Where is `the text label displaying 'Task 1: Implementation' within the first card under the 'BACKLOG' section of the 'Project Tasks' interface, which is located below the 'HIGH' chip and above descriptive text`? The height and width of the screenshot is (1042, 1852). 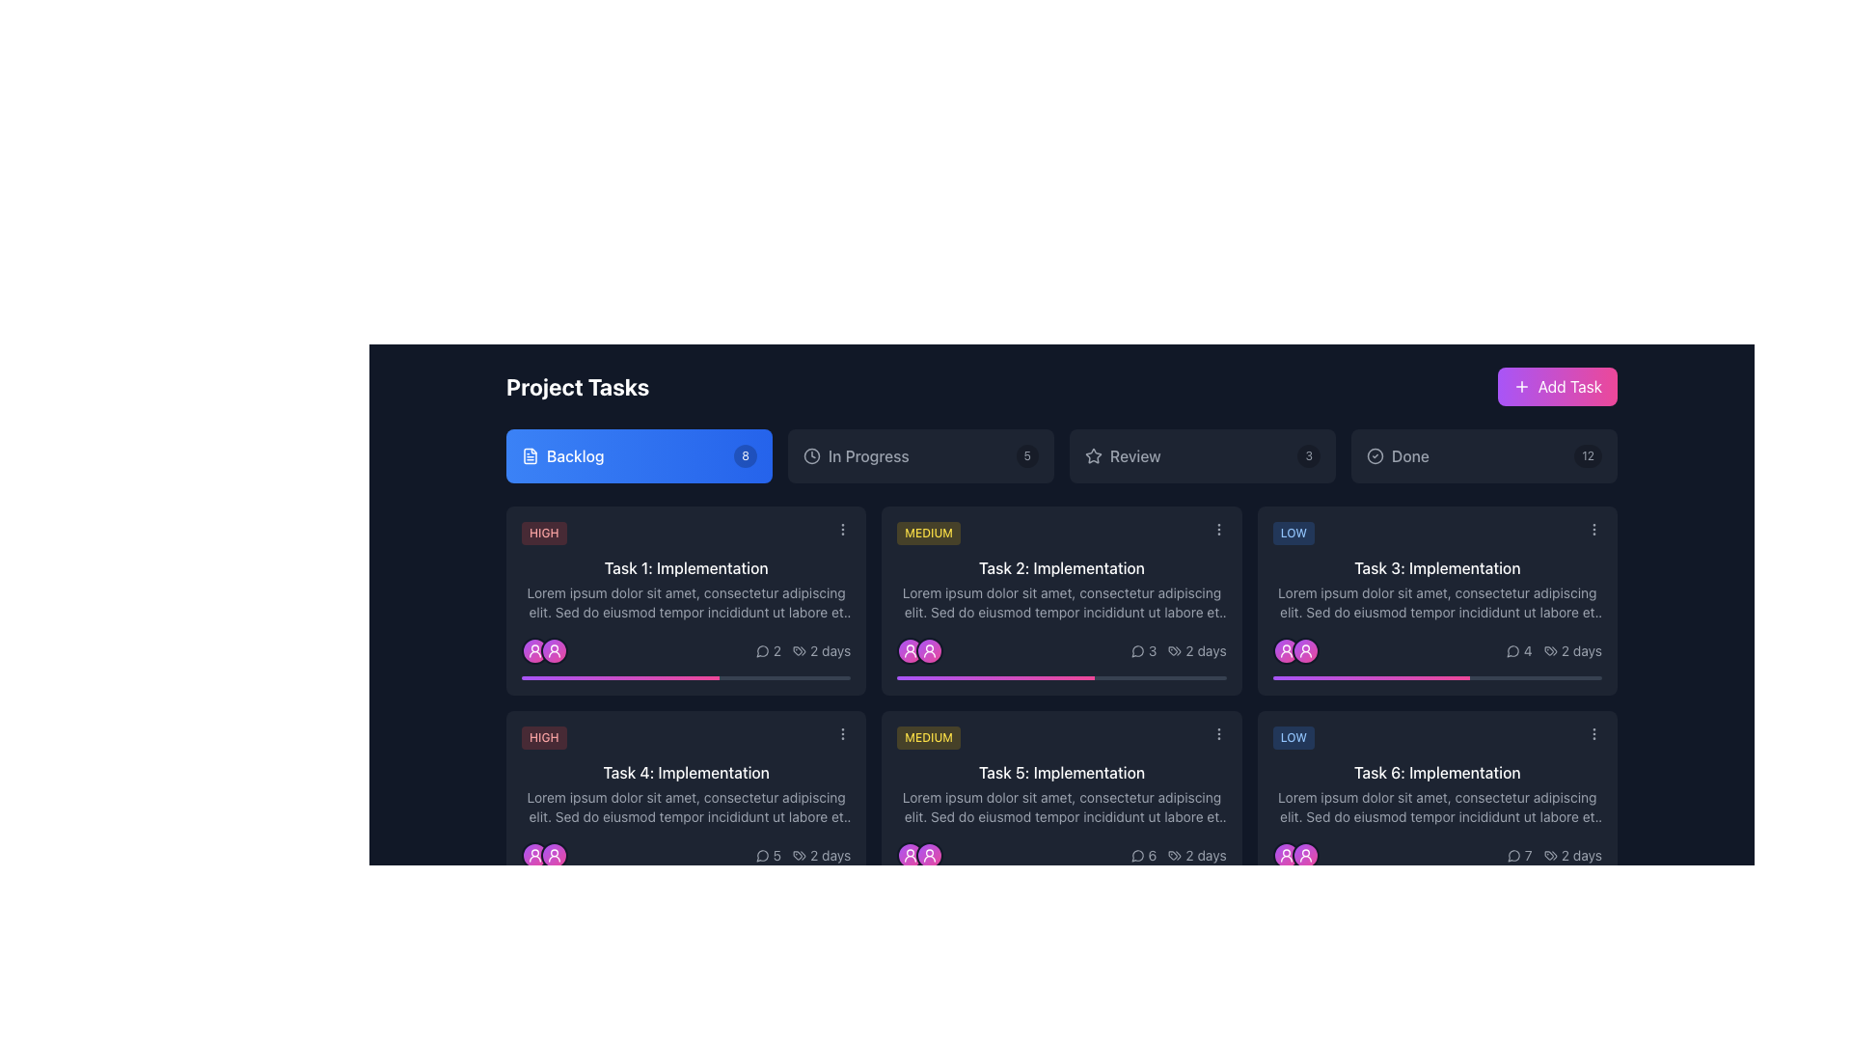
the text label displaying 'Task 1: Implementation' within the first card under the 'BACKLOG' section of the 'Project Tasks' interface, which is located below the 'HIGH' chip and above descriptive text is located at coordinates (686, 567).